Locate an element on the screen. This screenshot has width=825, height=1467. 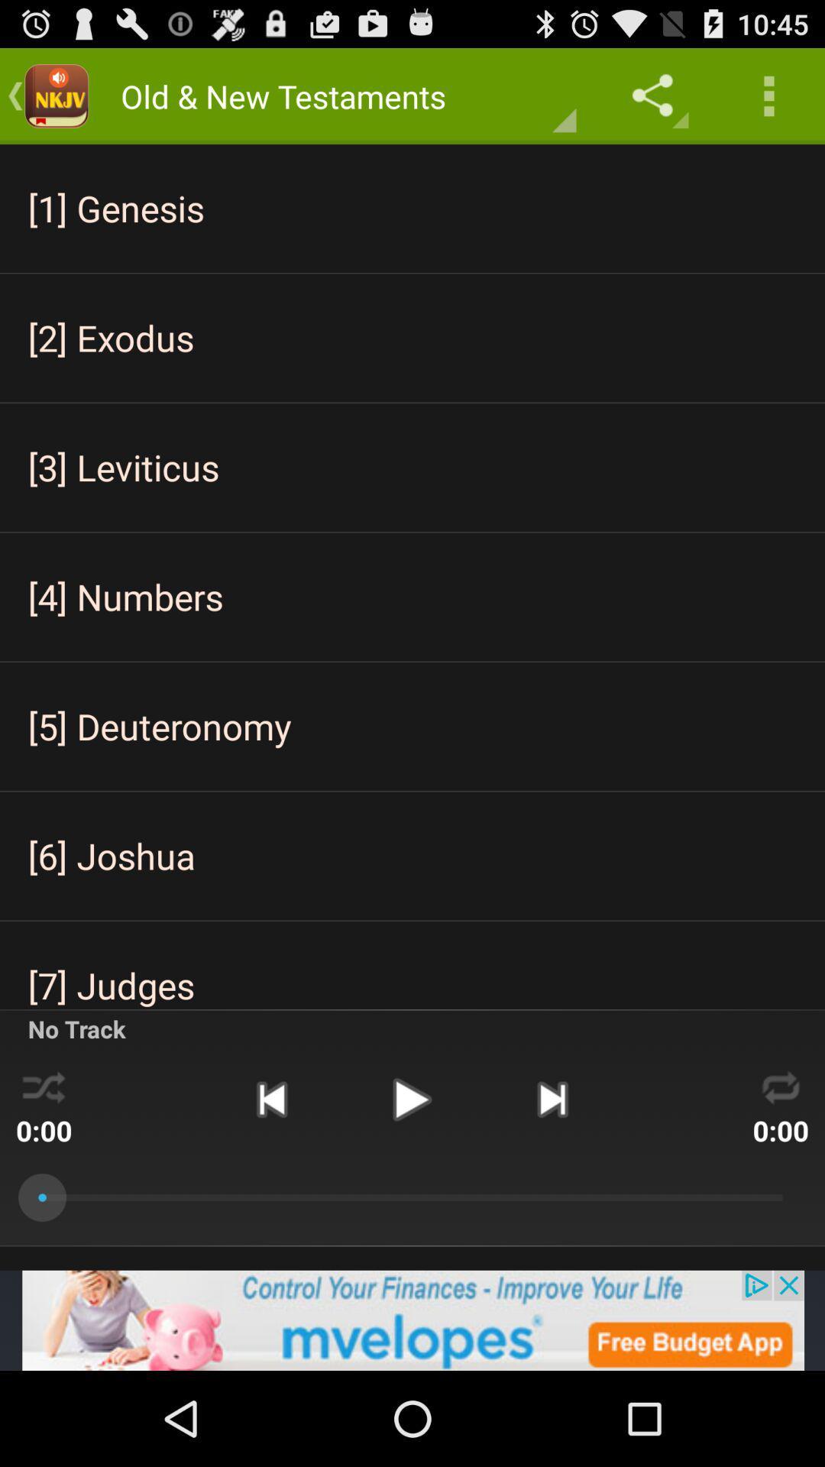
the skip_next icon is located at coordinates (552, 1175).